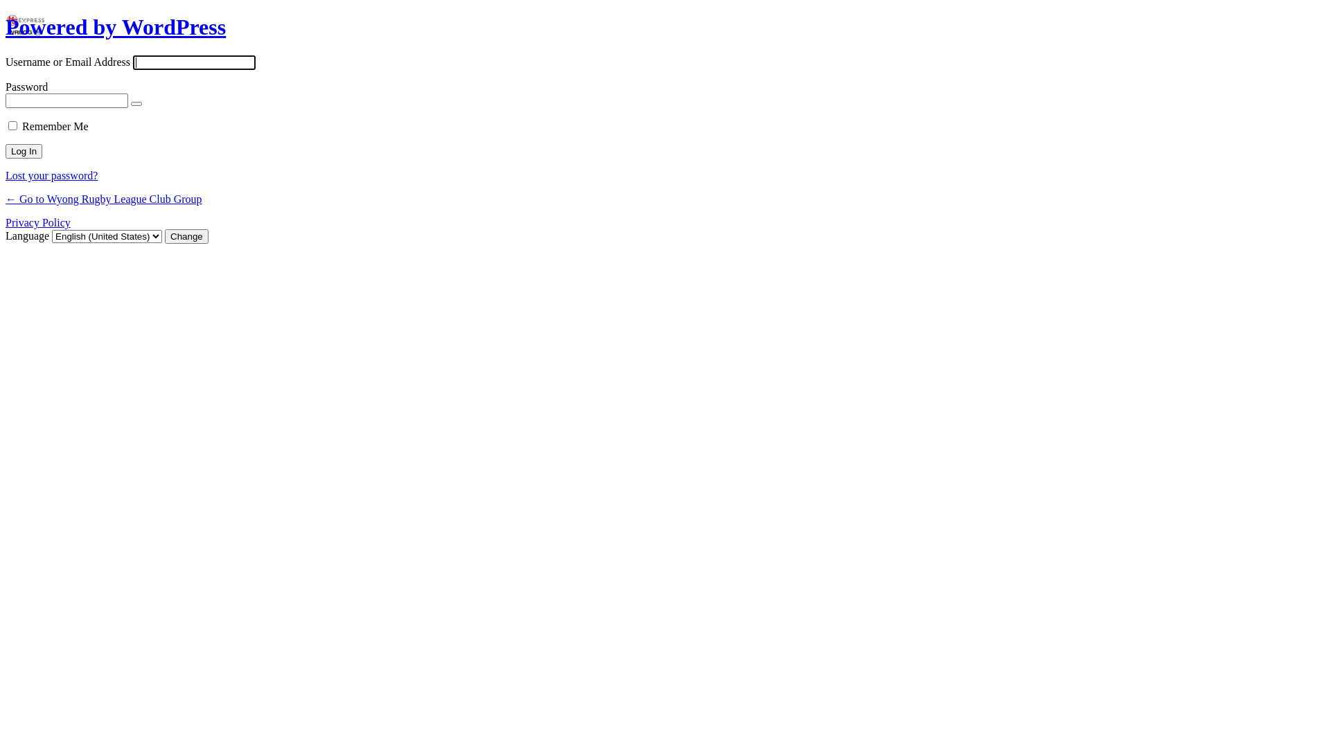  I want to click on 'Powered by WordPress', so click(116, 26).